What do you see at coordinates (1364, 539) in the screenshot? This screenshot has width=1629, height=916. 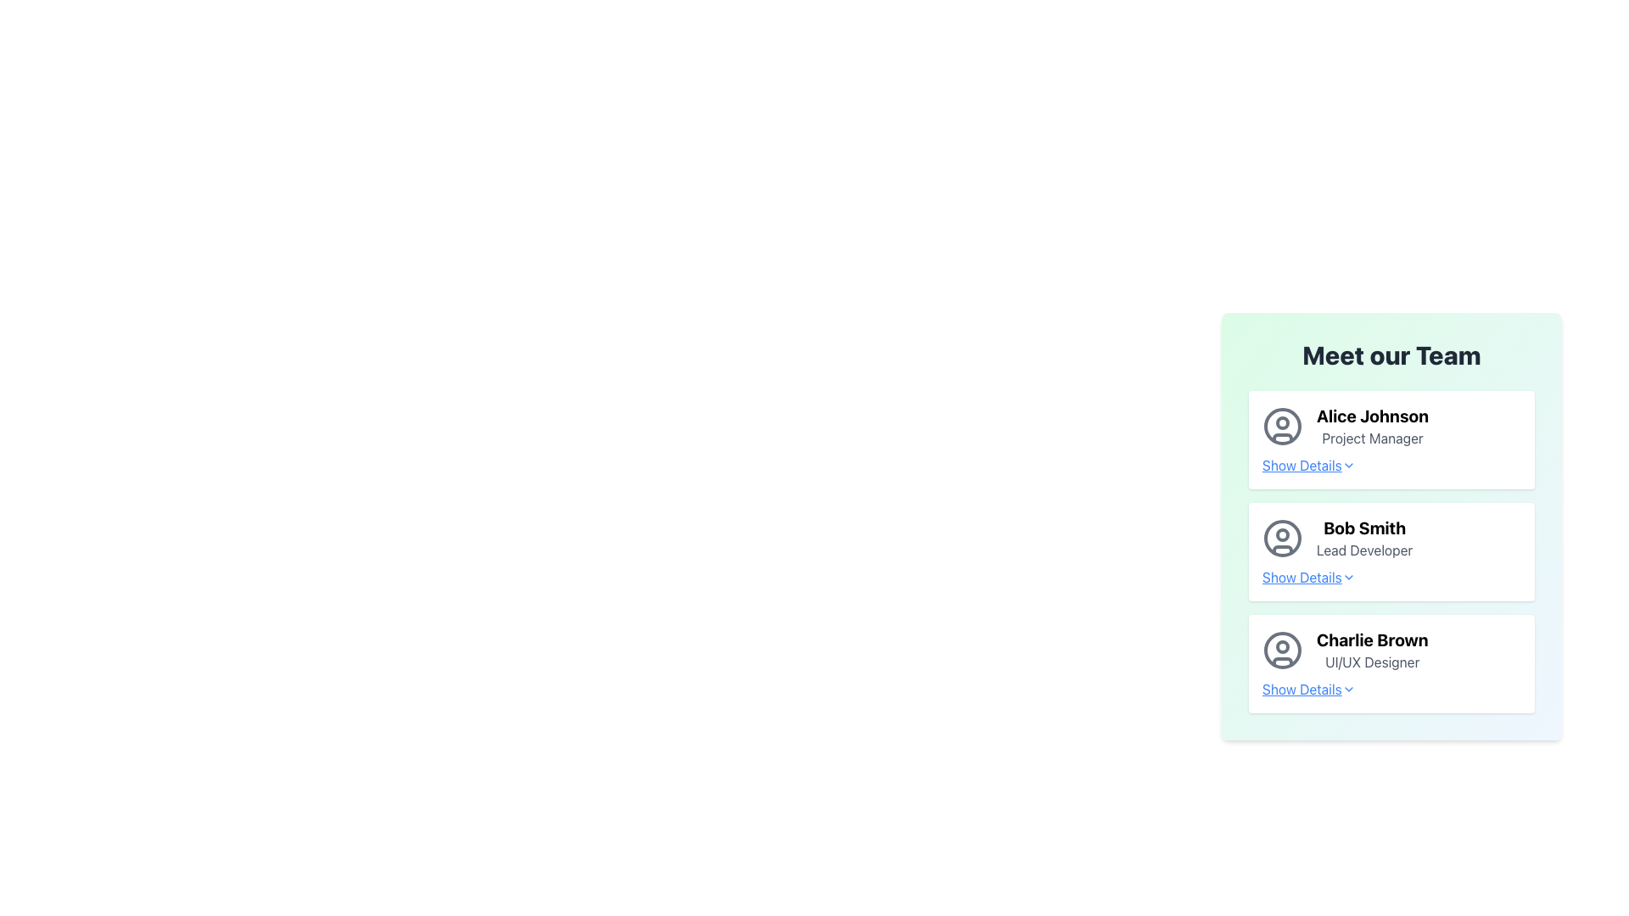 I see `the text block that displays the name and role of a team member, positioned as the second card in a vertical list between 'Alice Johnson' and 'Charlie Brown.'` at bounding box center [1364, 539].